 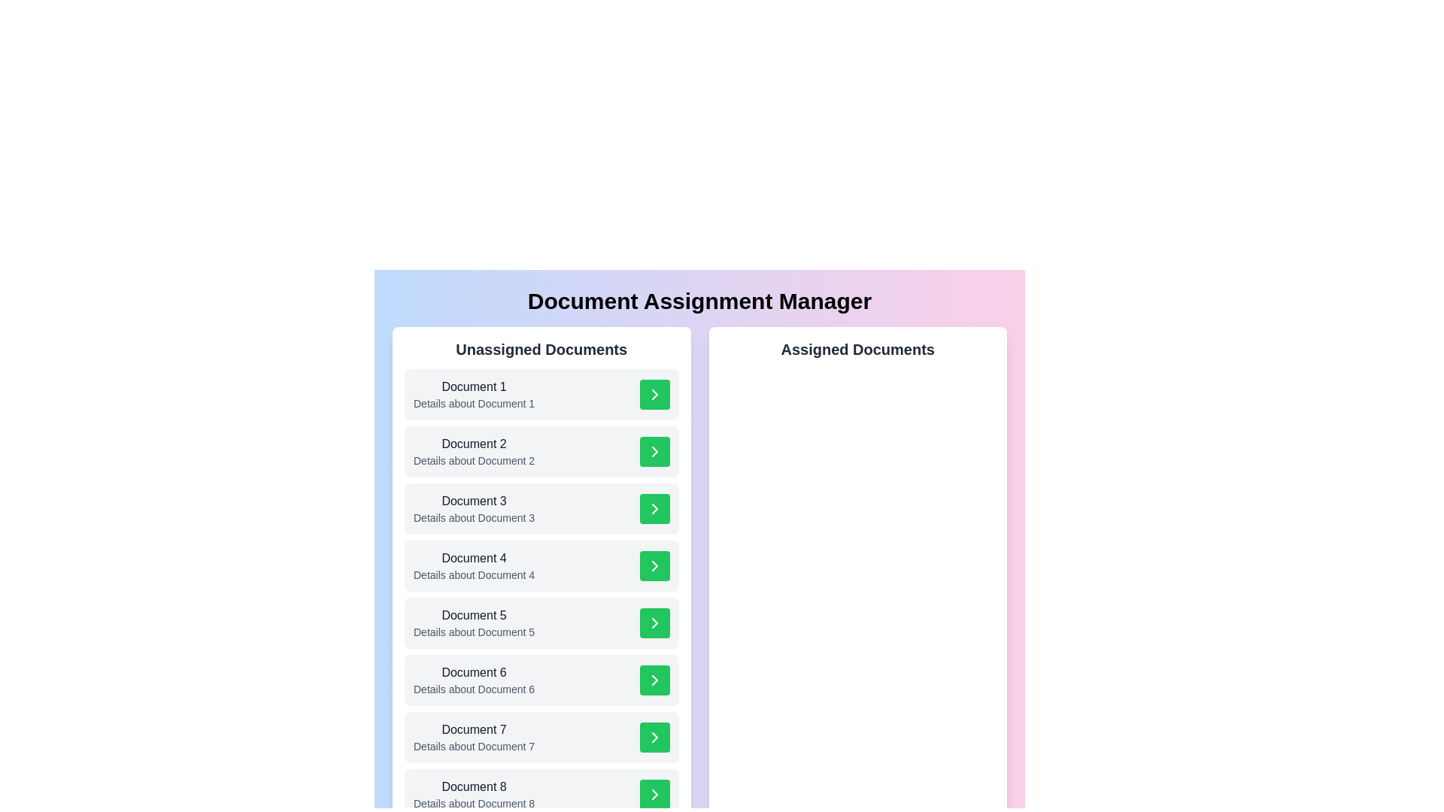 I want to click on the right-pointing chevron icon within the green button of the 'Document 2' list item under 'Unassigned Documents', so click(x=654, y=451).